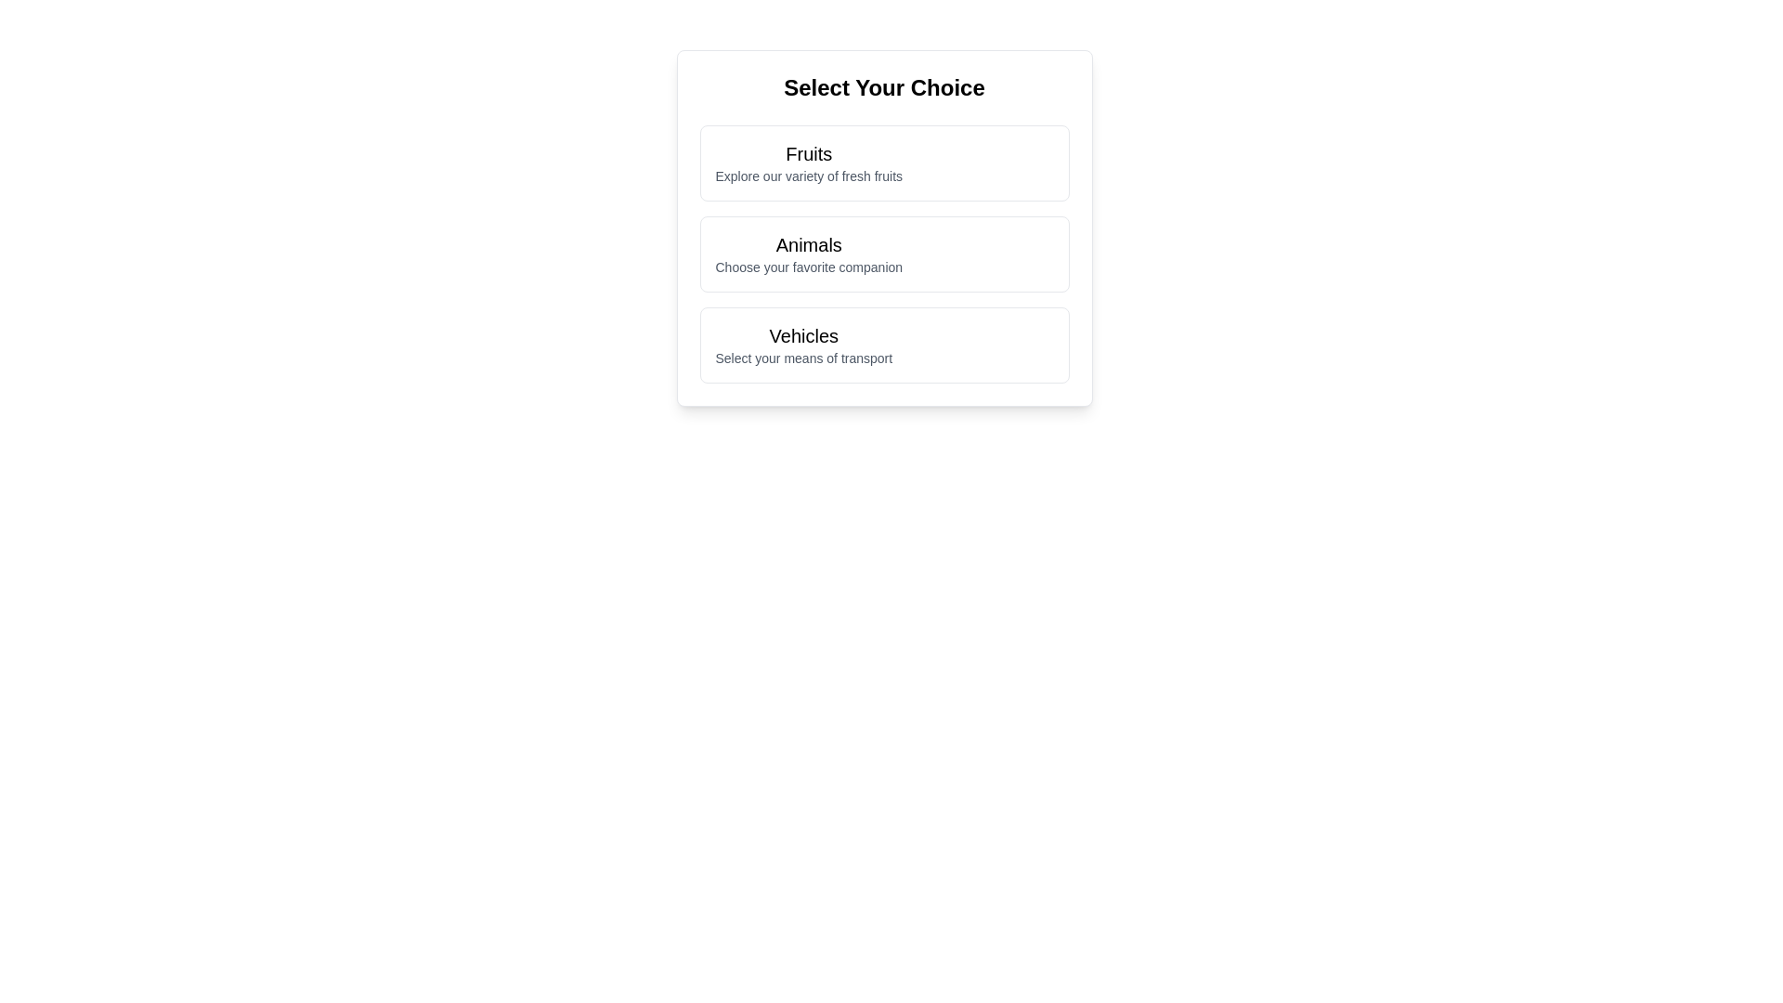 This screenshot has height=1003, width=1783. Describe the element at coordinates (883, 254) in the screenshot. I see `the 'Animals' selectable card, which is the second card in a vertical list of three cards, for more details` at that location.